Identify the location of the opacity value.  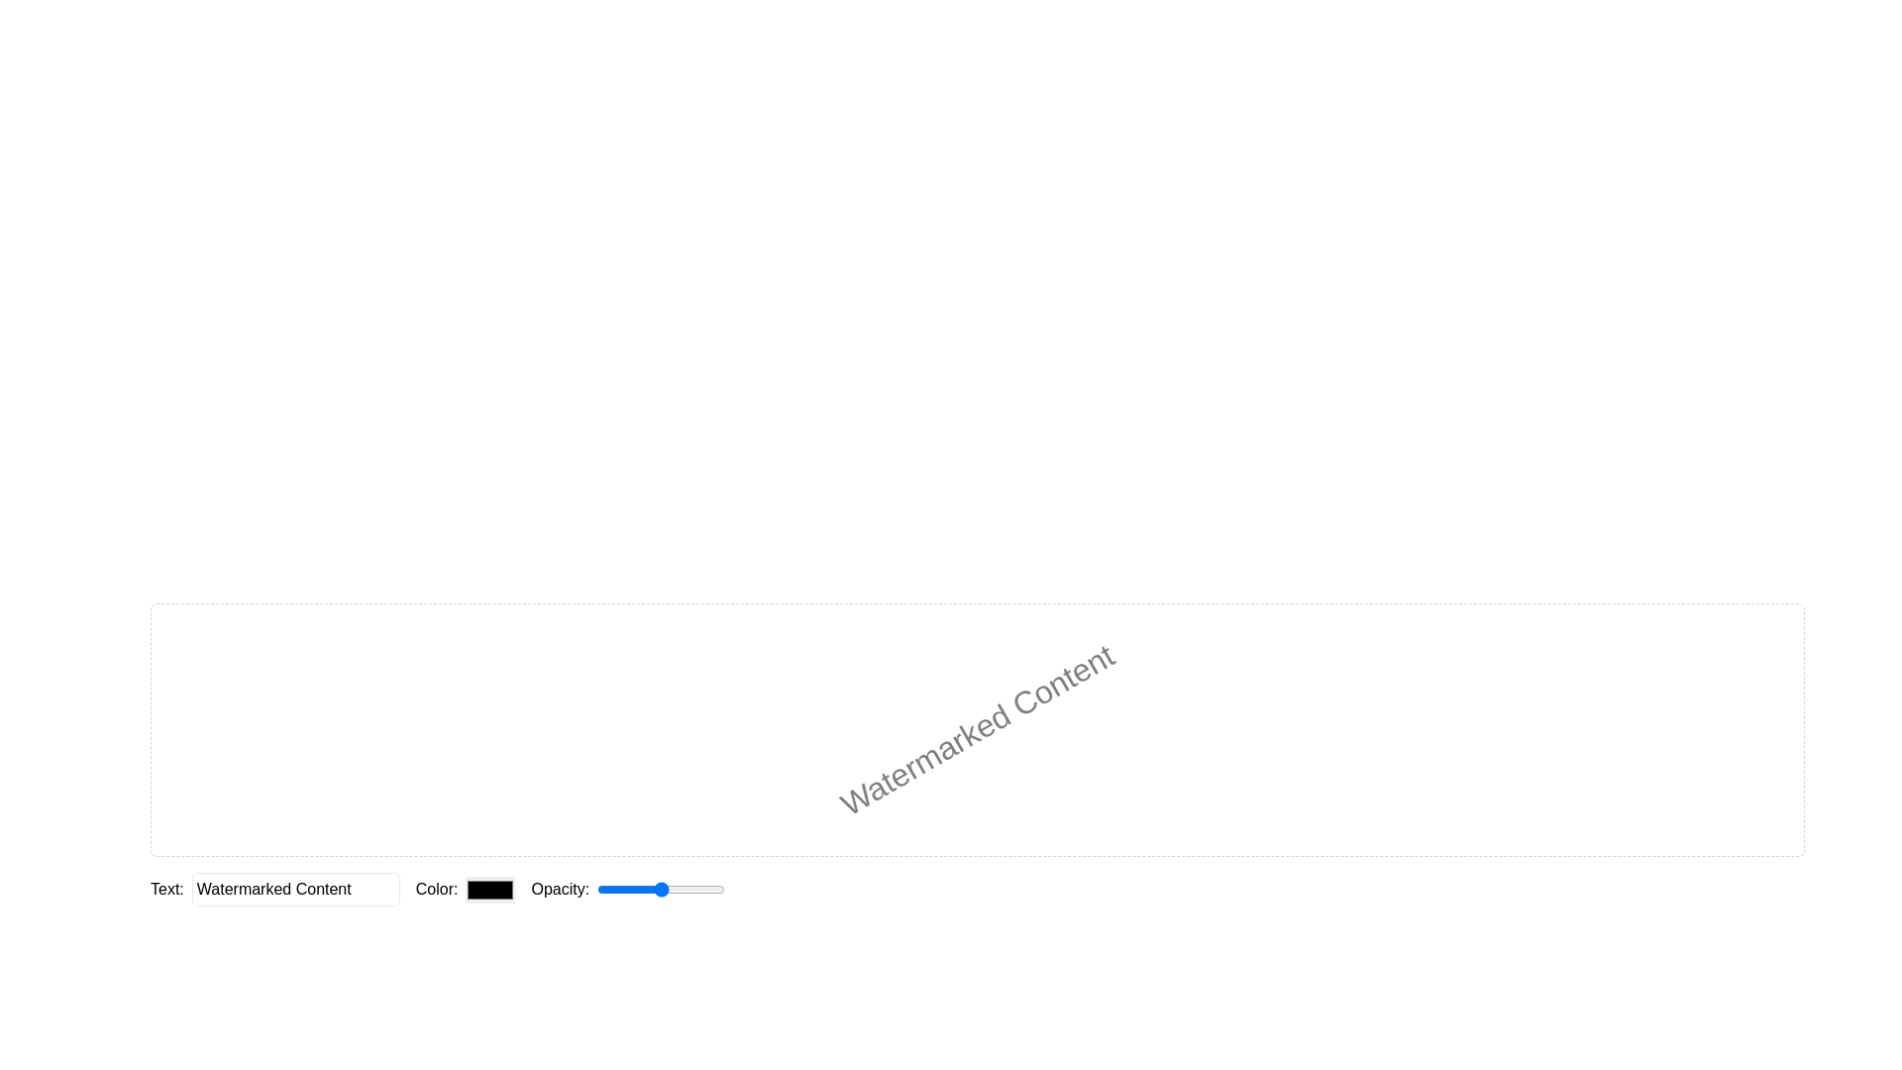
(708, 889).